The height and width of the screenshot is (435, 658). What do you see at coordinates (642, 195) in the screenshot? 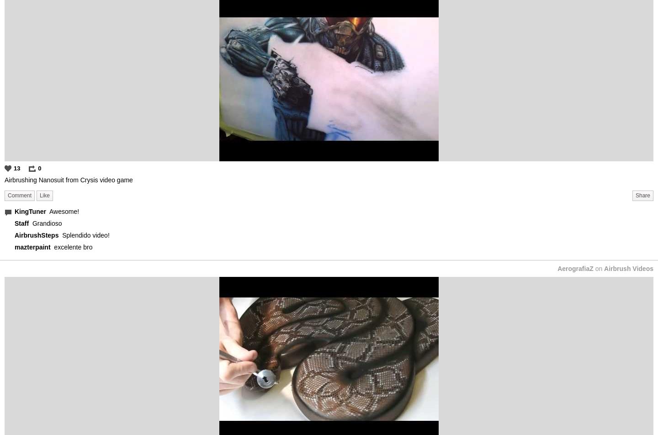
I see `'Share'` at bounding box center [642, 195].